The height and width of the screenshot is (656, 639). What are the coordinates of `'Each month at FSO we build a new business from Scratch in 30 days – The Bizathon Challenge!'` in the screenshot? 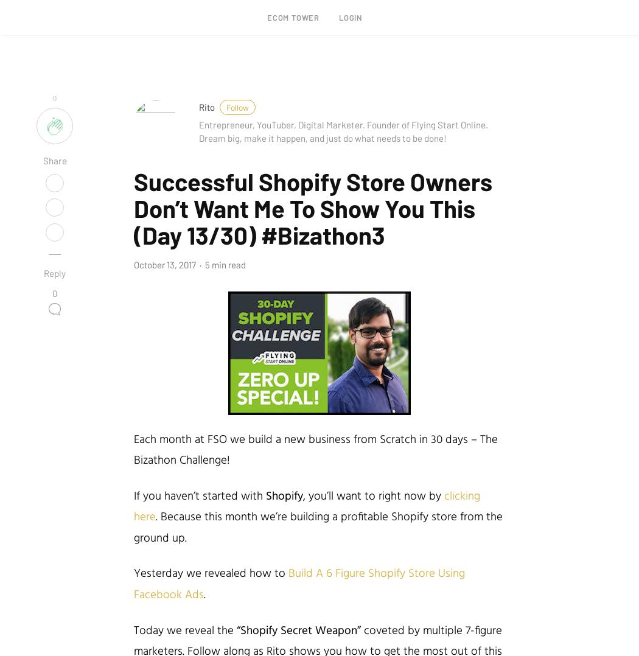 It's located at (315, 450).